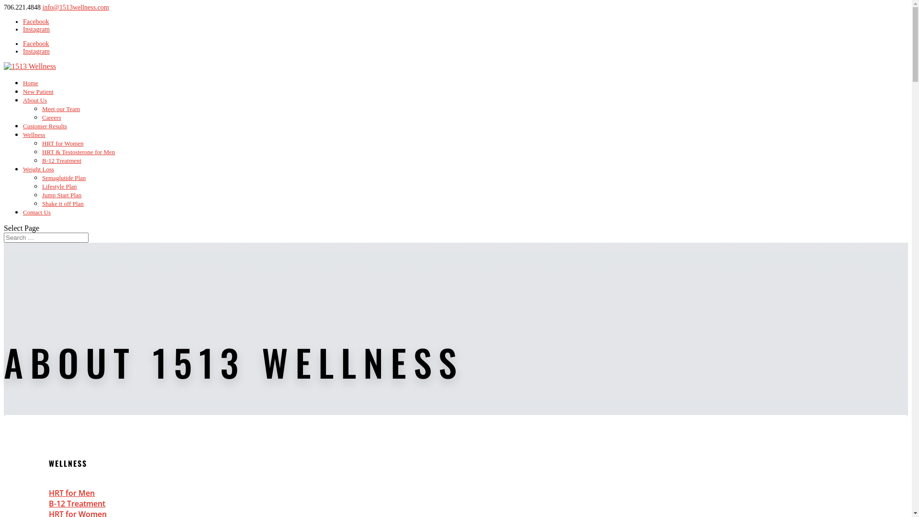 The image size is (919, 517). Describe the element at coordinates (59, 186) in the screenshot. I see `'Lifestyle Plan'` at that location.